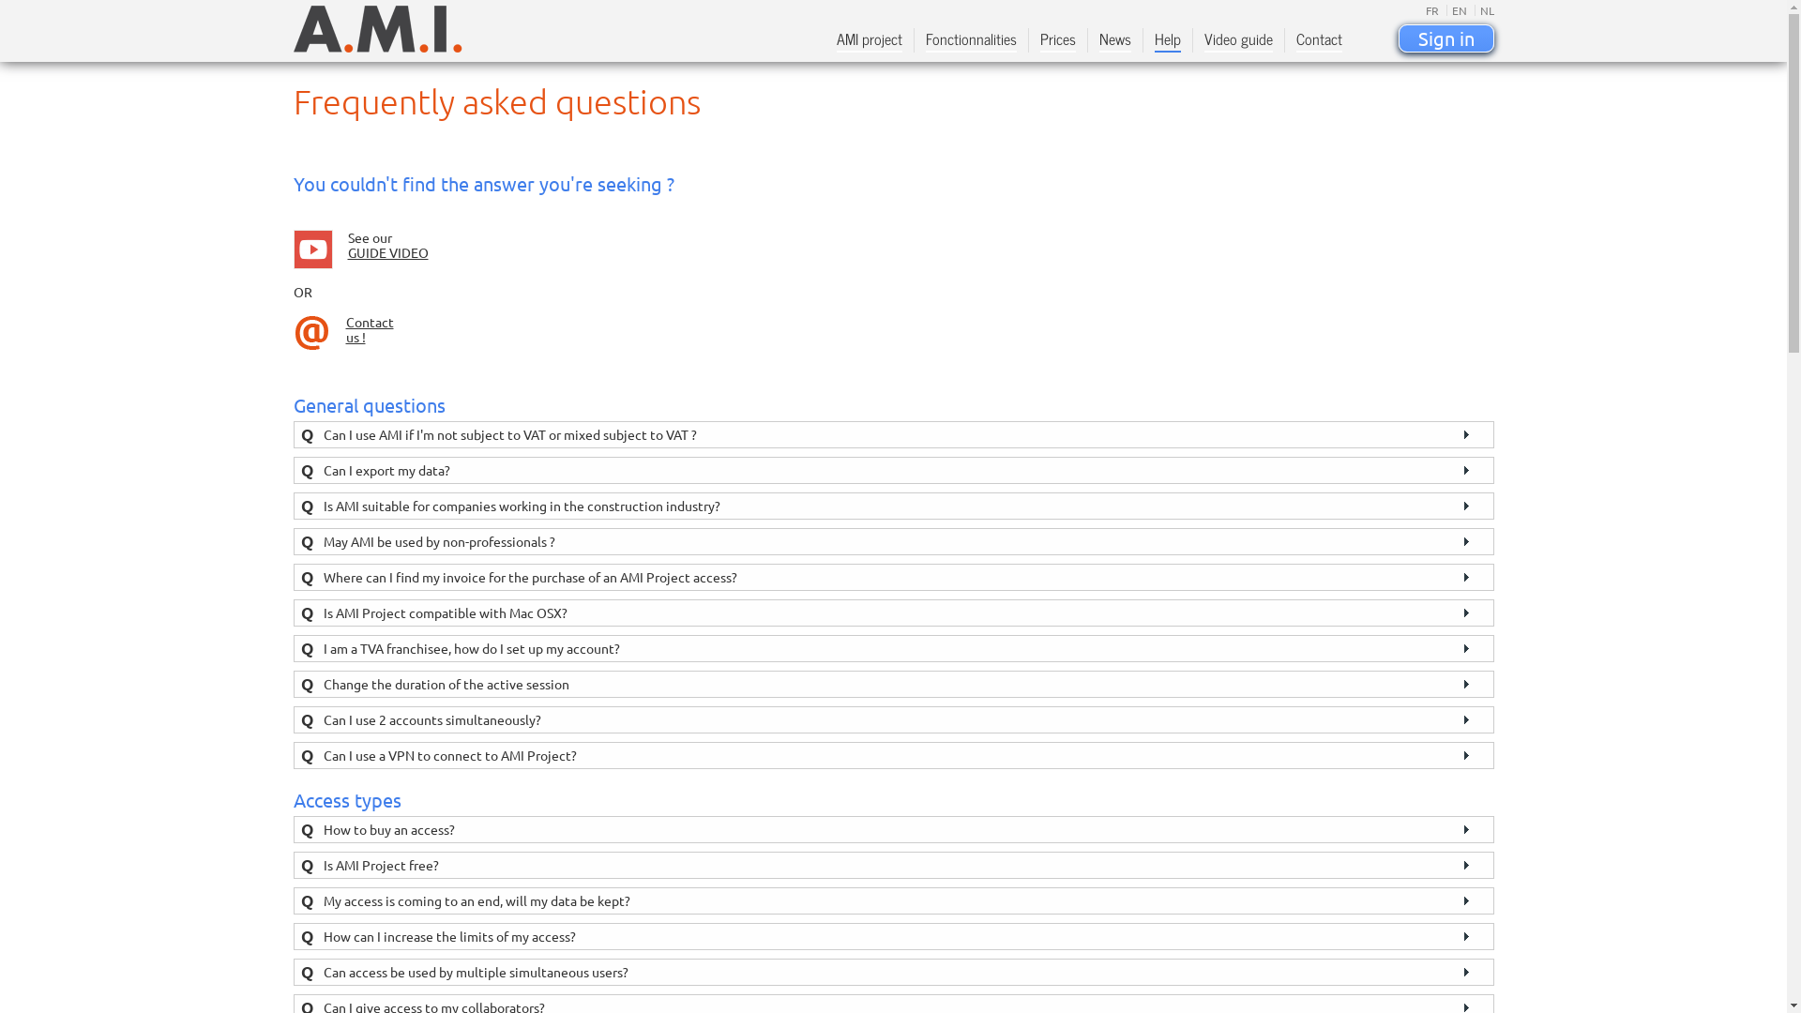  Describe the element at coordinates (1483, 10) in the screenshot. I see `'NL'` at that location.